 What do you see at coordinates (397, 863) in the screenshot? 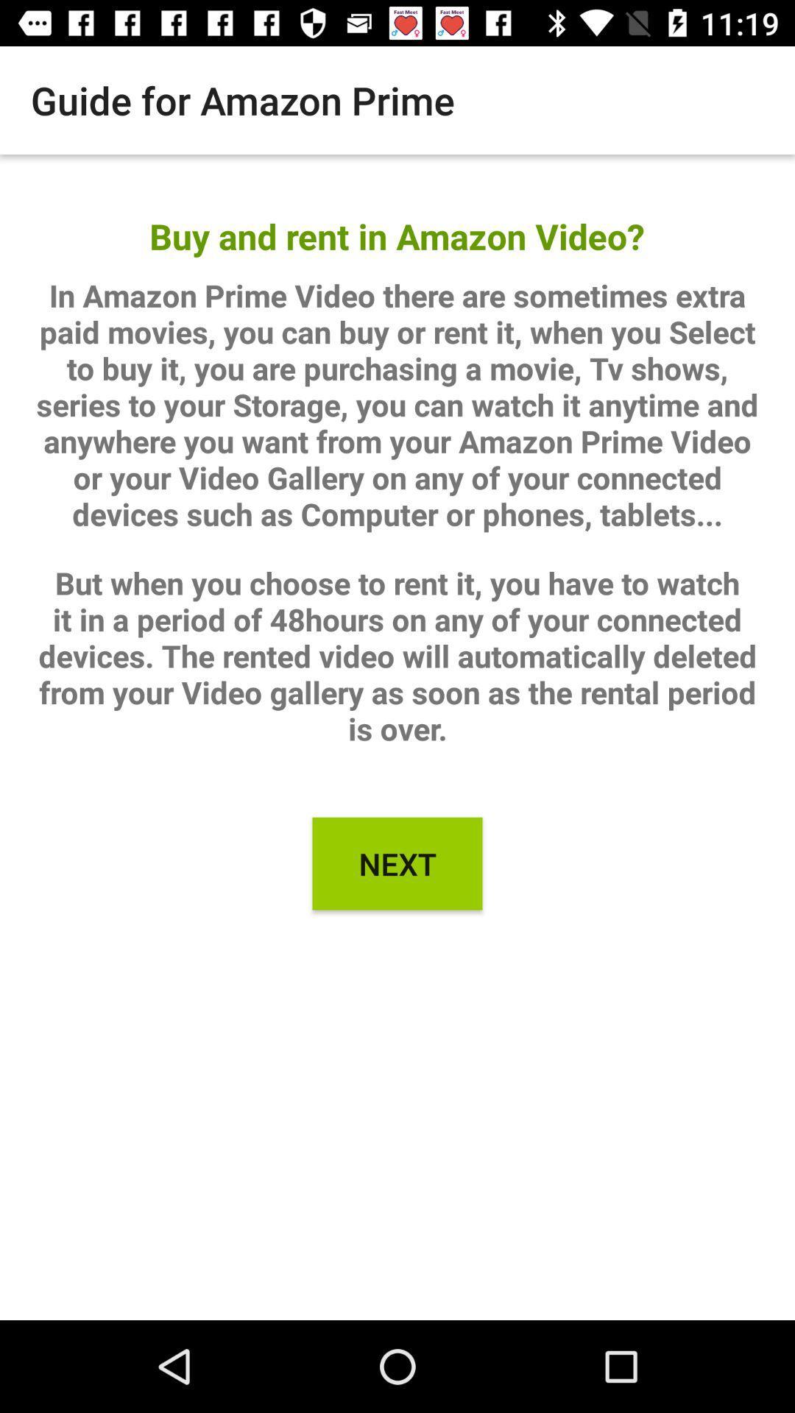
I see `next icon` at bounding box center [397, 863].